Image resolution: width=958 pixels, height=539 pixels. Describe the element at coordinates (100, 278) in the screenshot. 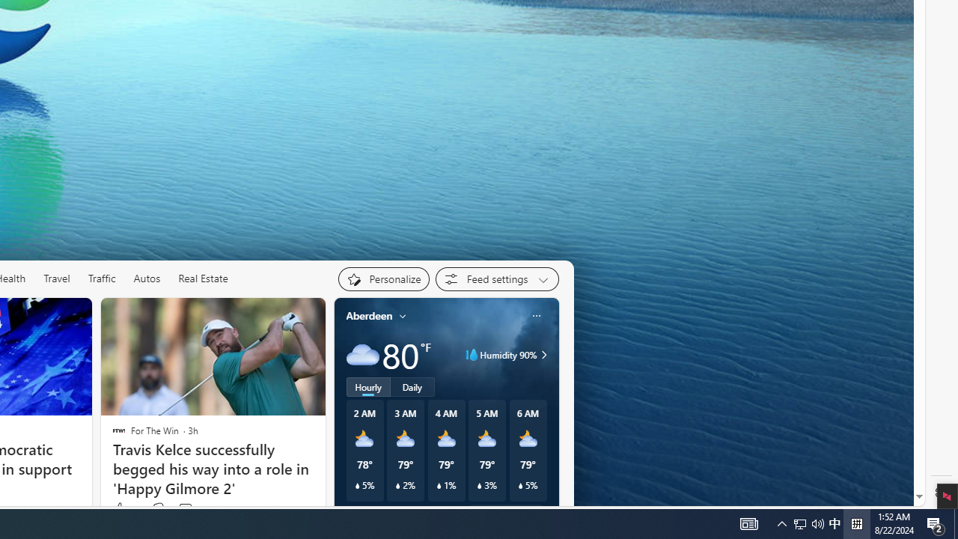

I see `'Traffic'` at that location.